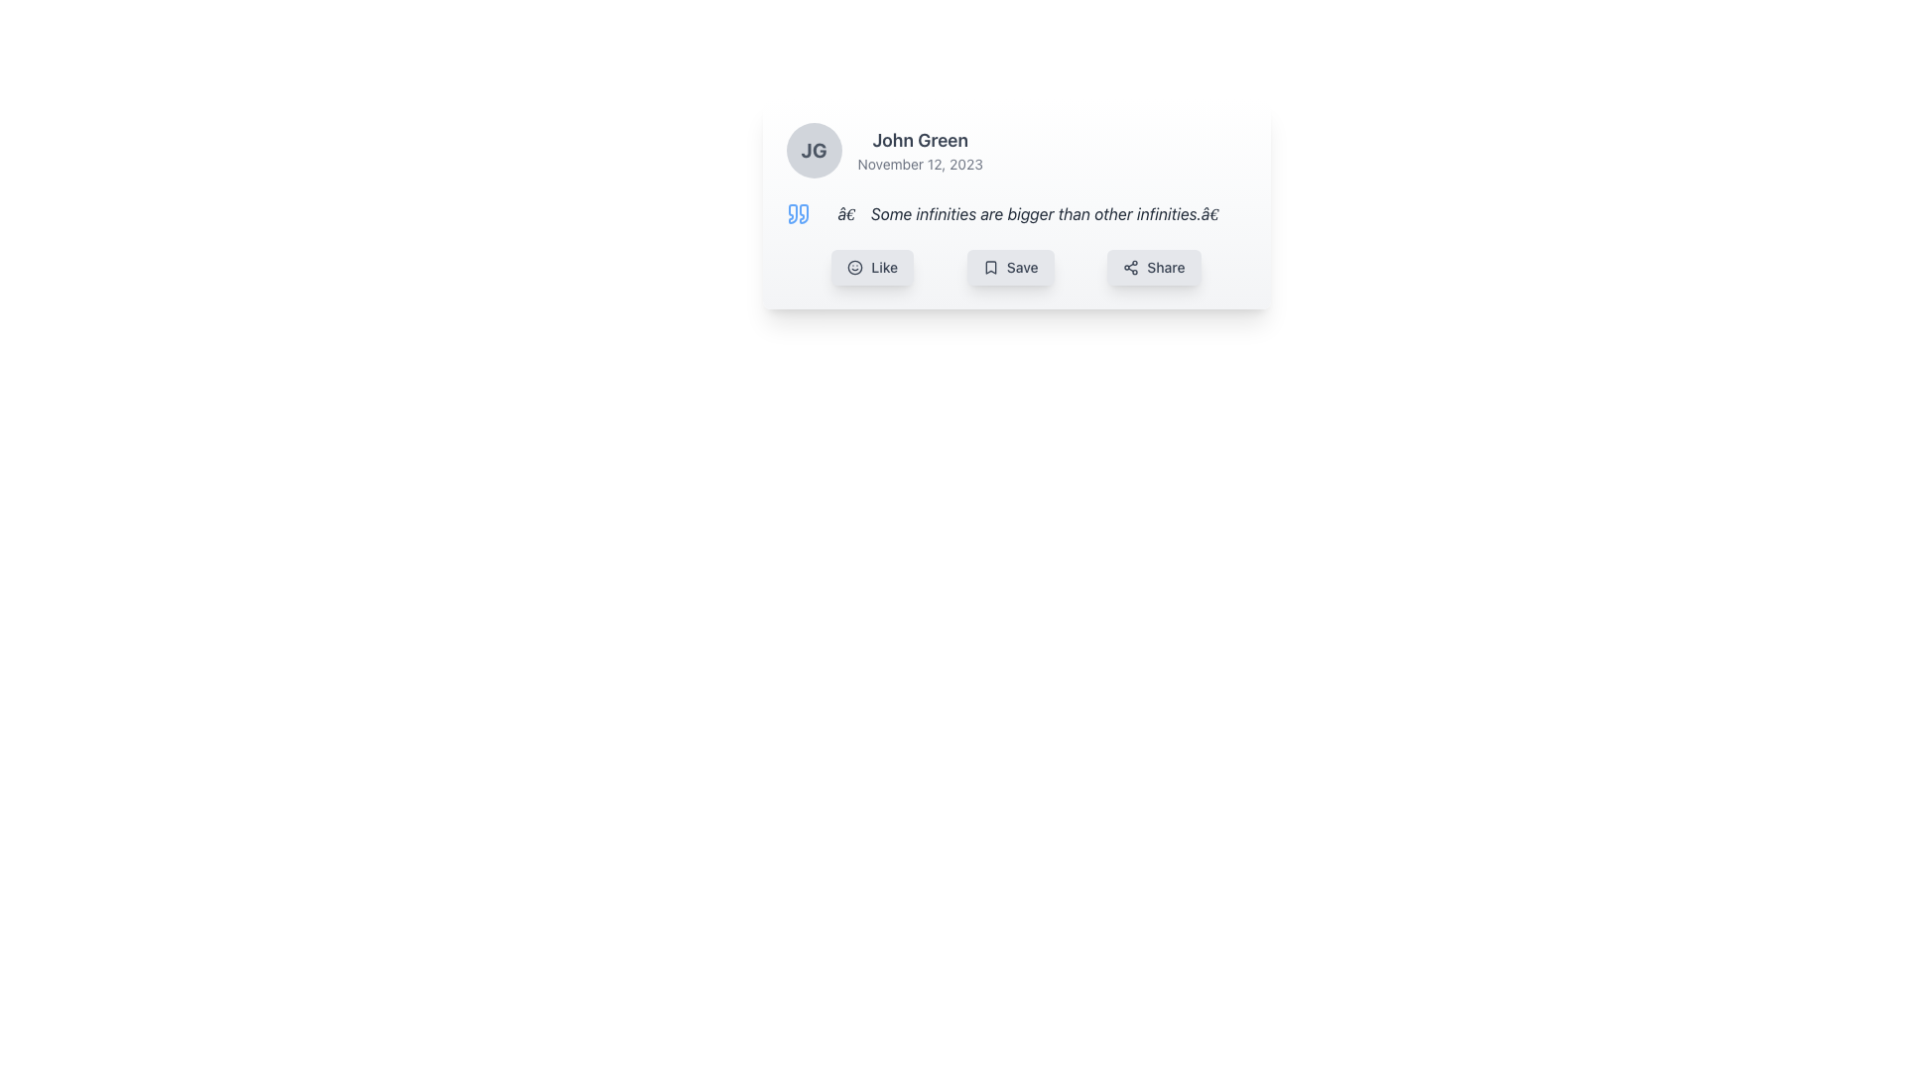 This screenshot has height=1071, width=1905. Describe the element at coordinates (1153, 268) in the screenshot. I see `the 'Share' button, which is the third button in a row of three, featuring a gray background, dark gray text, and a sharing icon on the left side` at that location.